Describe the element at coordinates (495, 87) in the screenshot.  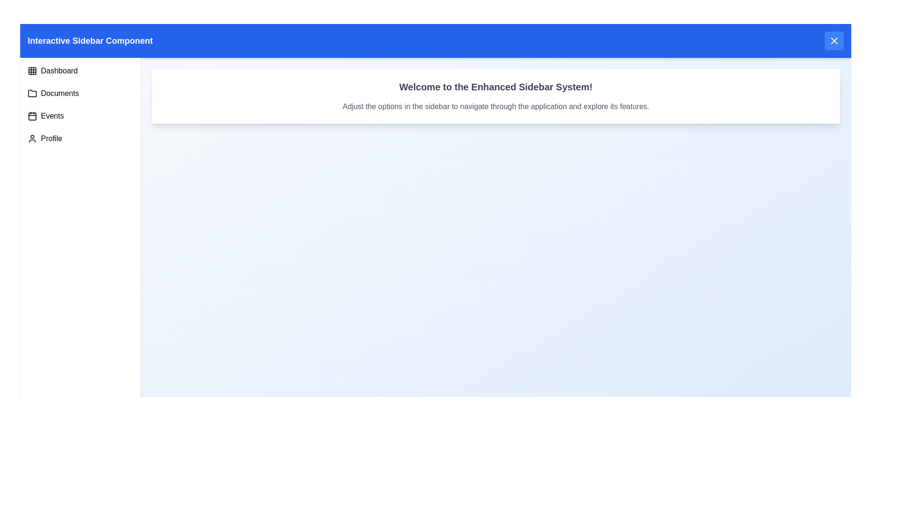
I see `the large title text labeled 'Welcome to the Enhanced Sidebar System!' which is prominently positioned within a white box with rounded corners` at that location.